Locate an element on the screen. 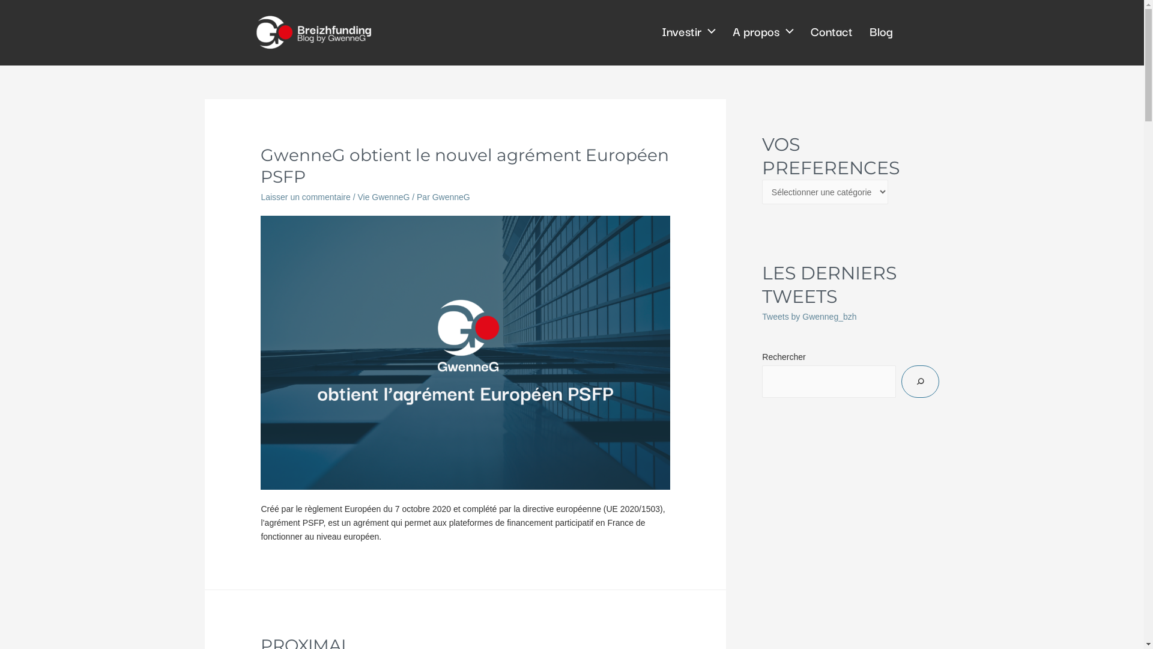  'Blog' is located at coordinates (876, 30).